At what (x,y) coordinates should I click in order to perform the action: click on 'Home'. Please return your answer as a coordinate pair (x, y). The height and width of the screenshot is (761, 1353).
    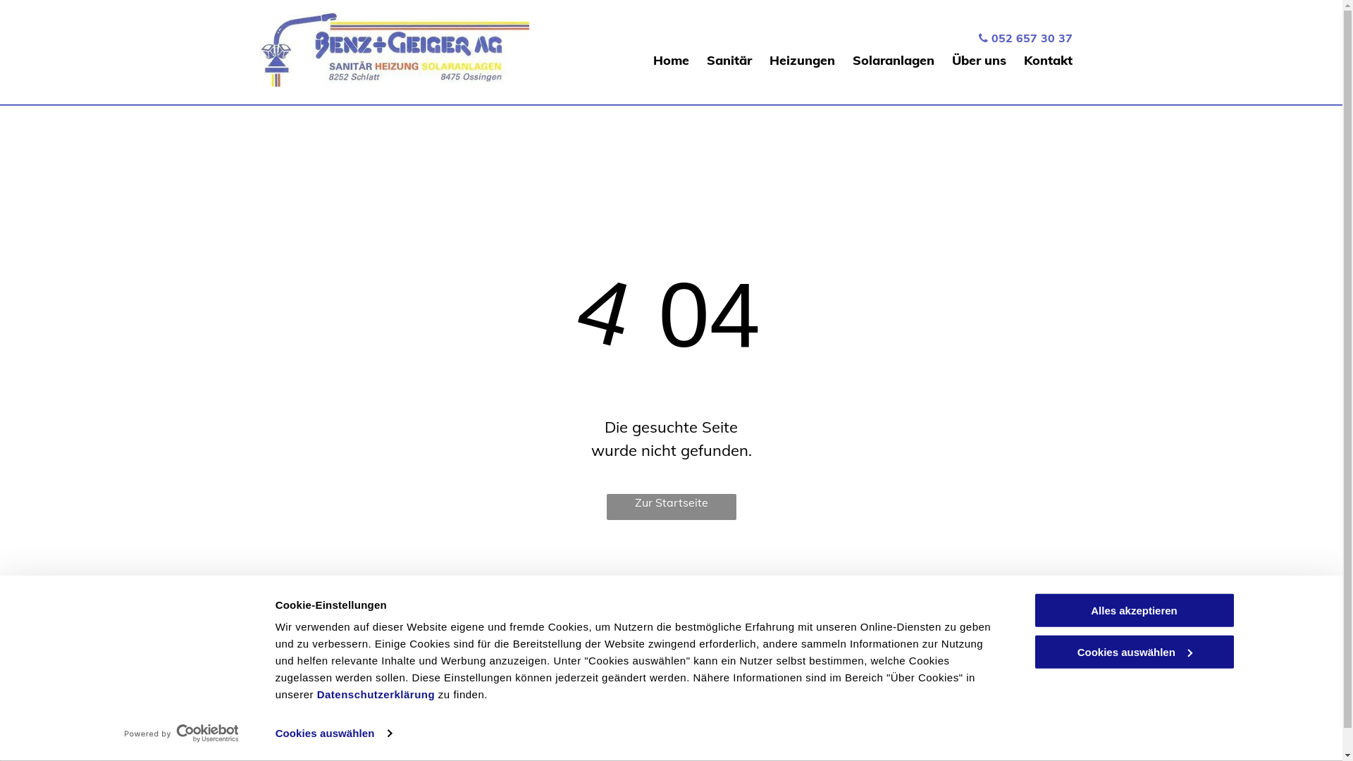
    Looking at the image, I should click on (652, 59).